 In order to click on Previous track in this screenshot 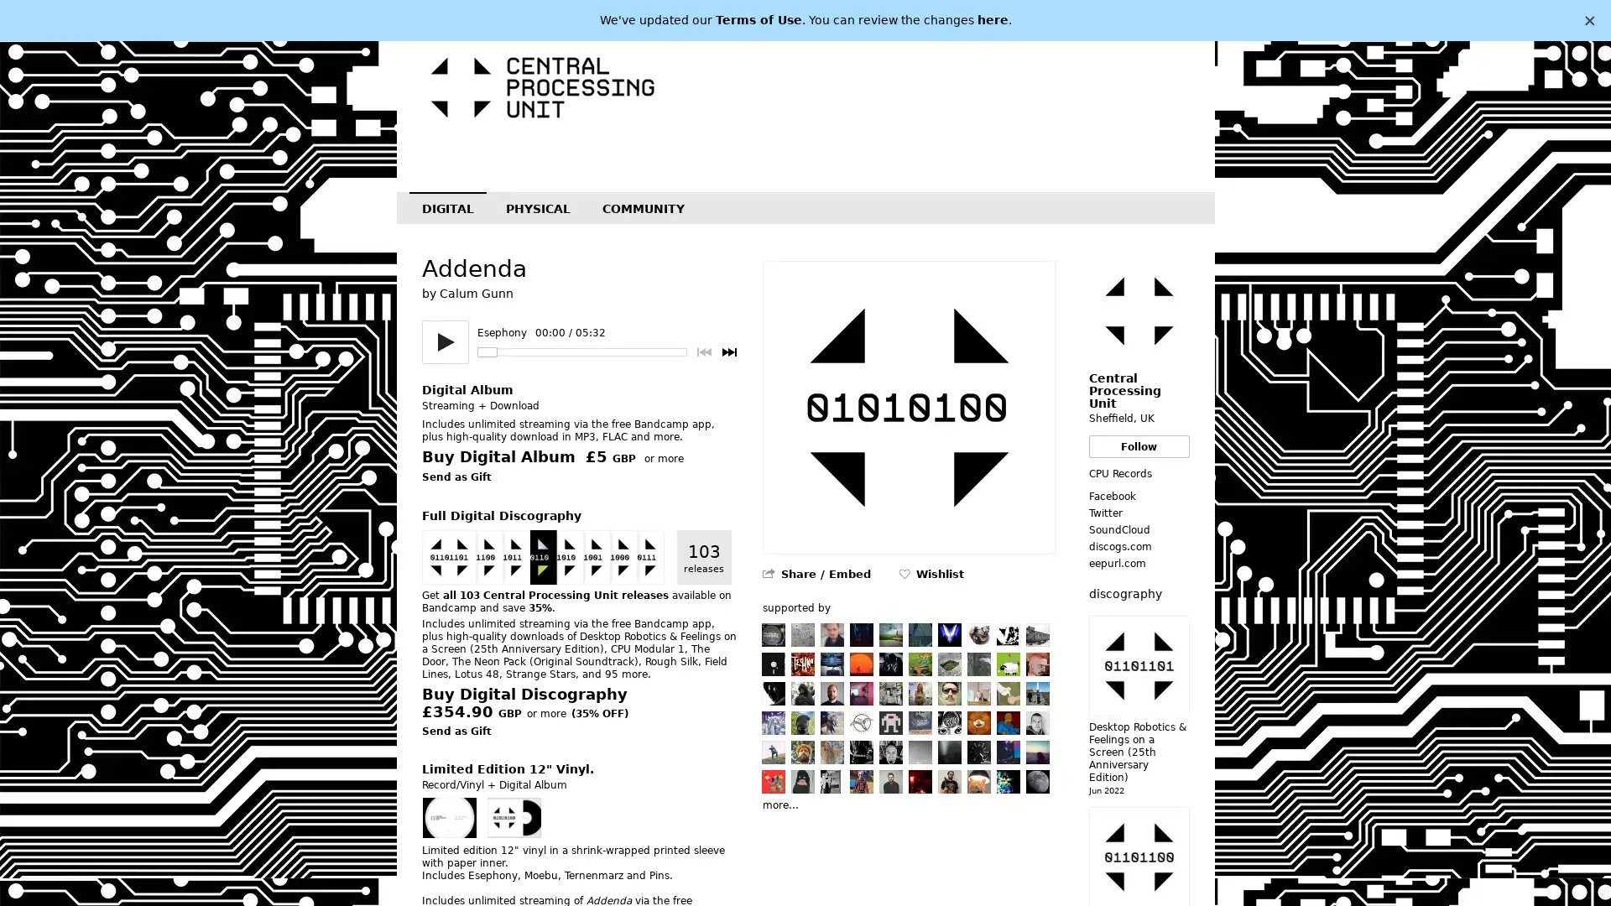, I will do `click(703, 351)`.